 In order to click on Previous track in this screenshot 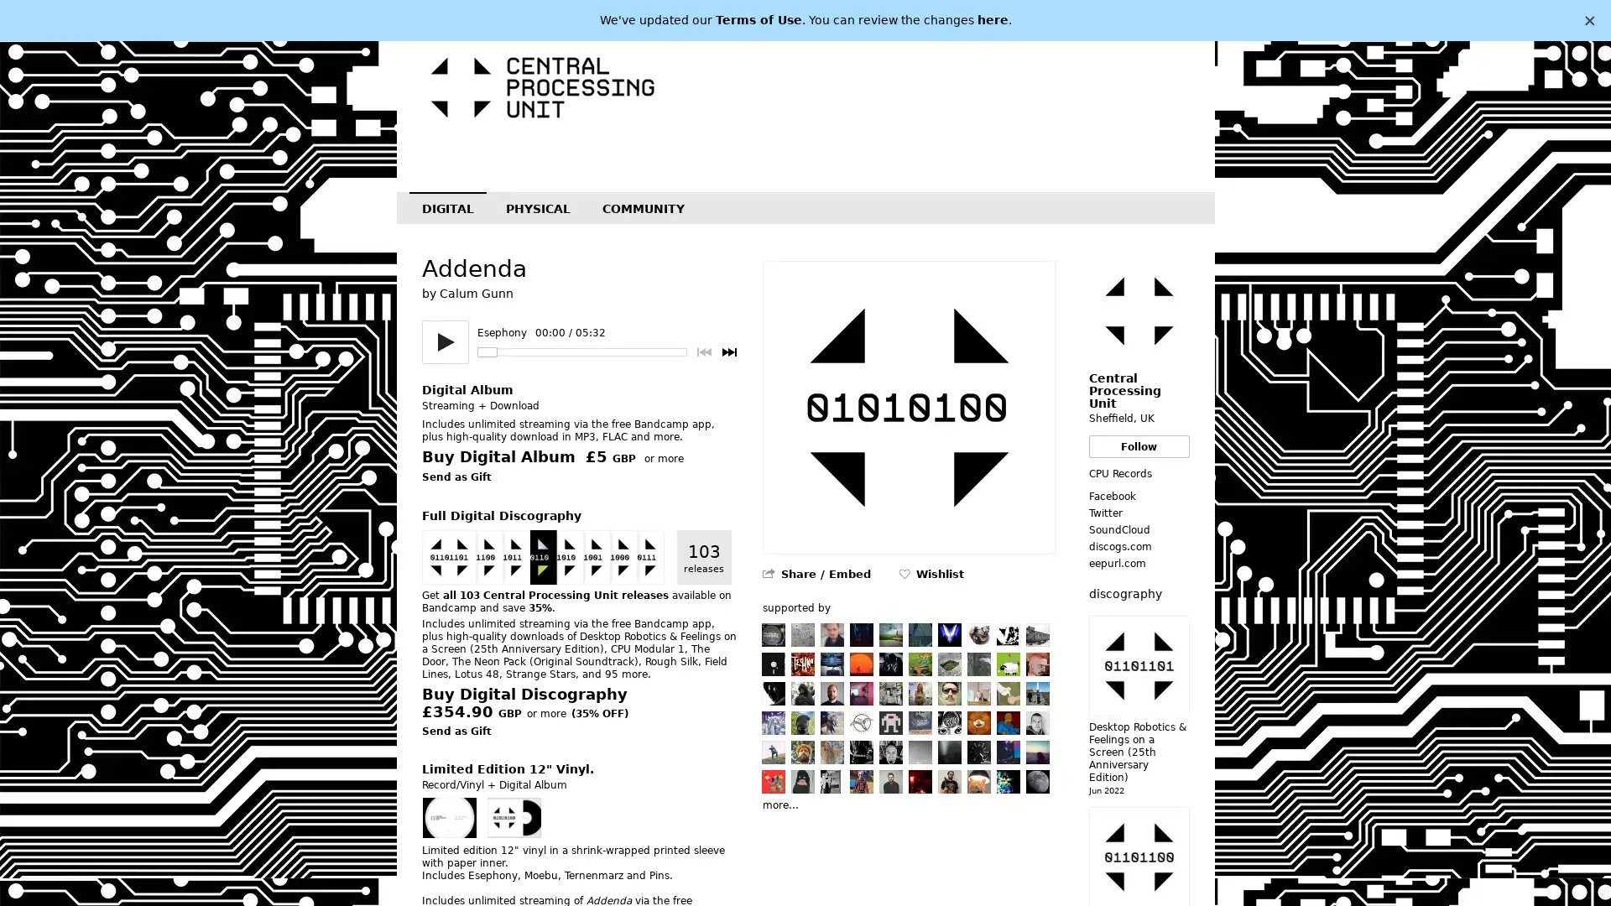, I will do `click(703, 351)`.